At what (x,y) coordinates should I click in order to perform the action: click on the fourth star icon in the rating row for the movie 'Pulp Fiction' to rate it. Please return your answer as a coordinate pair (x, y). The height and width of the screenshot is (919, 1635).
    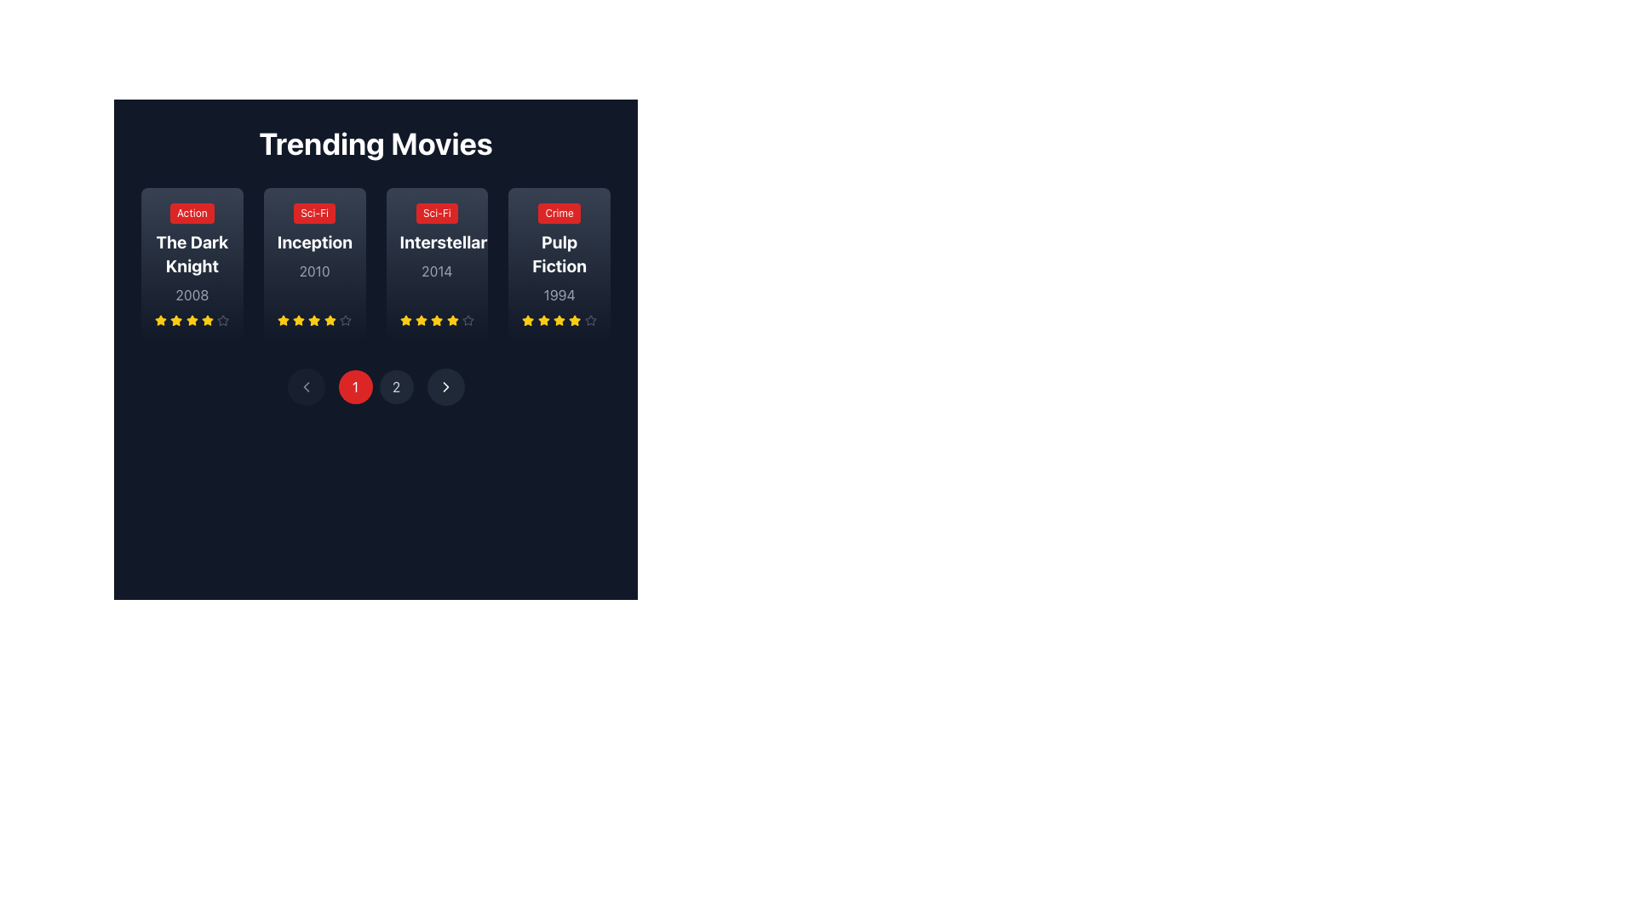
    Looking at the image, I should click on (542, 320).